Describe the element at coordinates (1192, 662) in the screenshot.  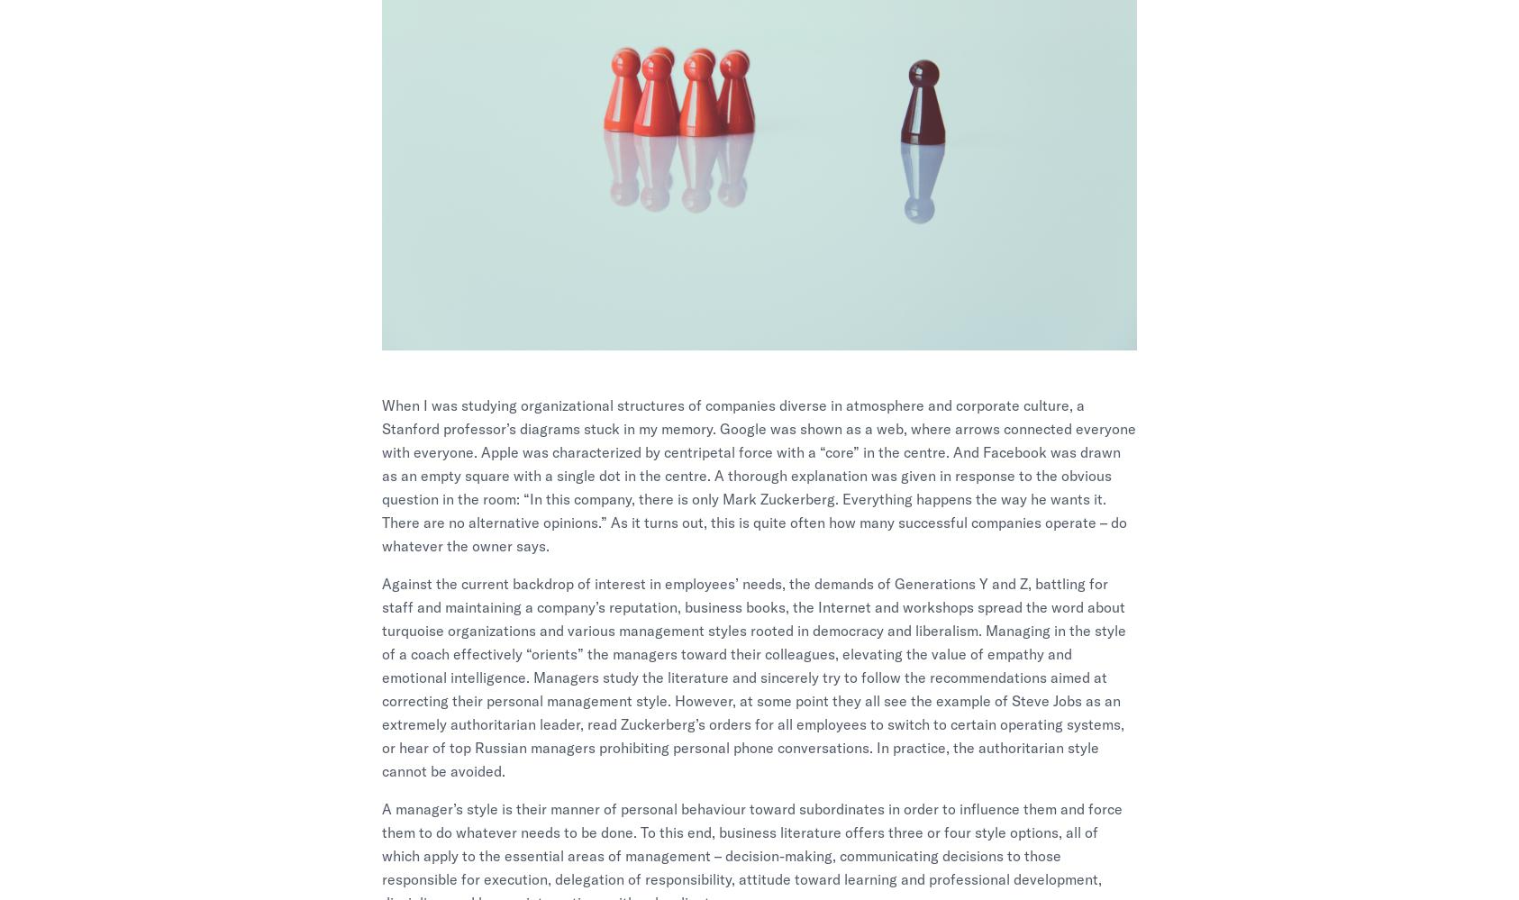
I see `'Security'` at that location.